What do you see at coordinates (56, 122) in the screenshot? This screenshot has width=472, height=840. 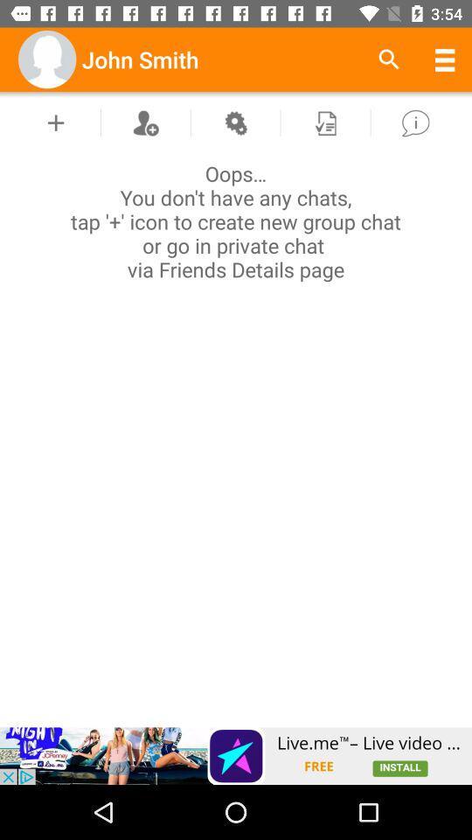 I see `new chat` at bounding box center [56, 122].